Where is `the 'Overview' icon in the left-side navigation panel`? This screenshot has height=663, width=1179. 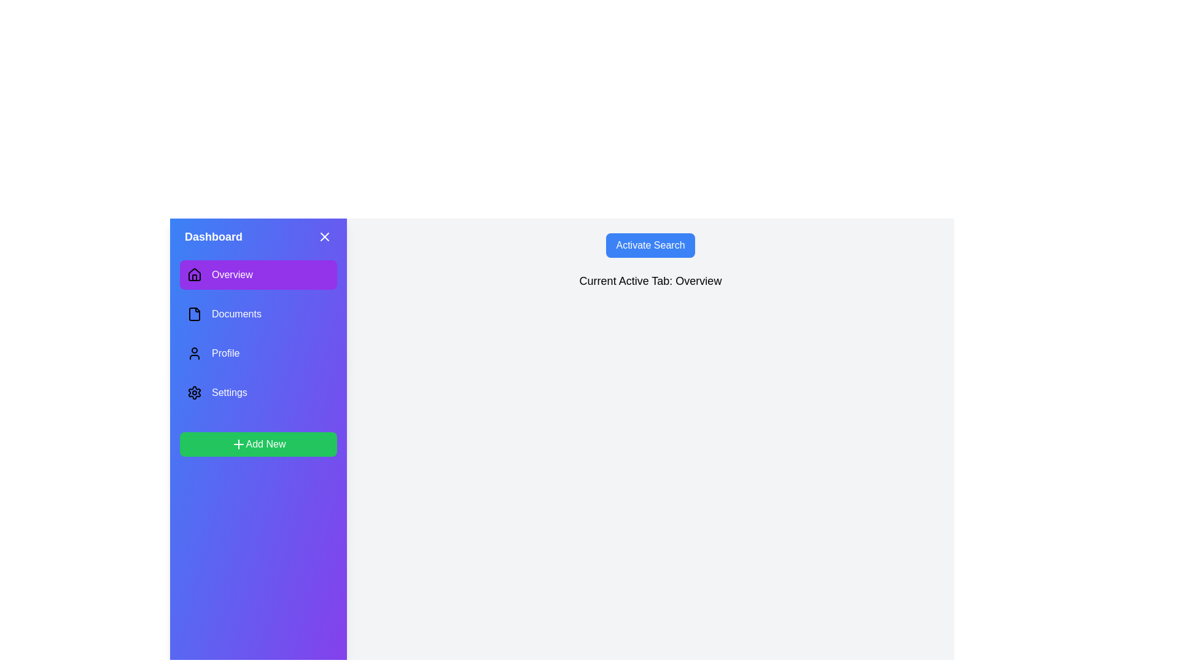 the 'Overview' icon in the left-side navigation panel is located at coordinates (193, 274).